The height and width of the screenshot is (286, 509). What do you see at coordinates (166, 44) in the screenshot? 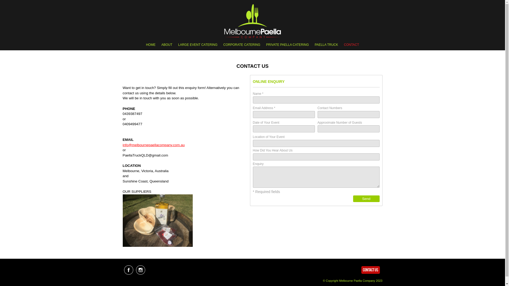
I see `'ABOUT'` at bounding box center [166, 44].